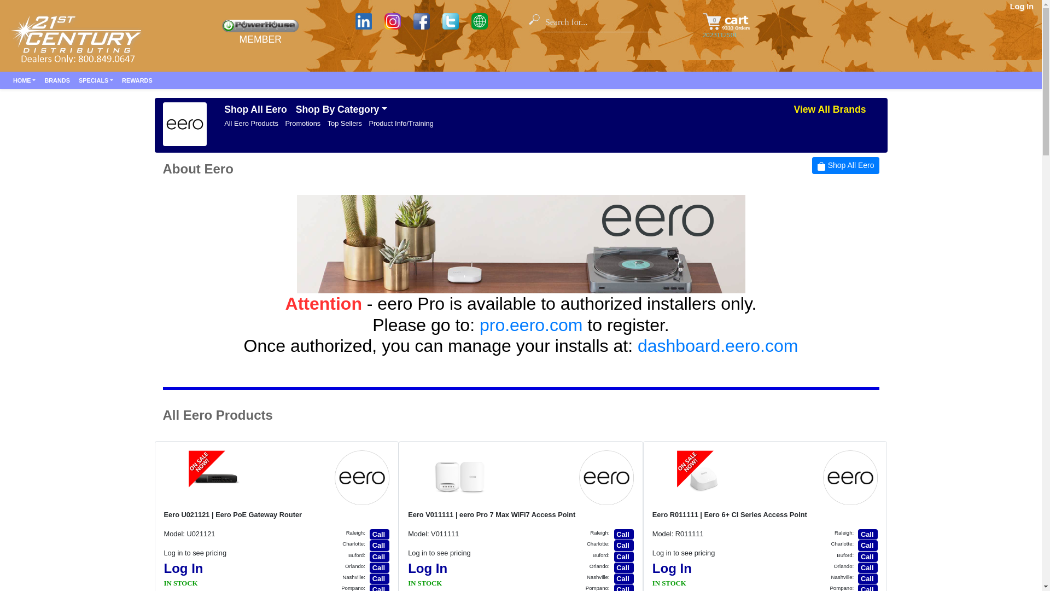 The width and height of the screenshot is (1050, 591). Describe the element at coordinates (56, 79) in the screenshot. I see `'BRANDS'` at that location.